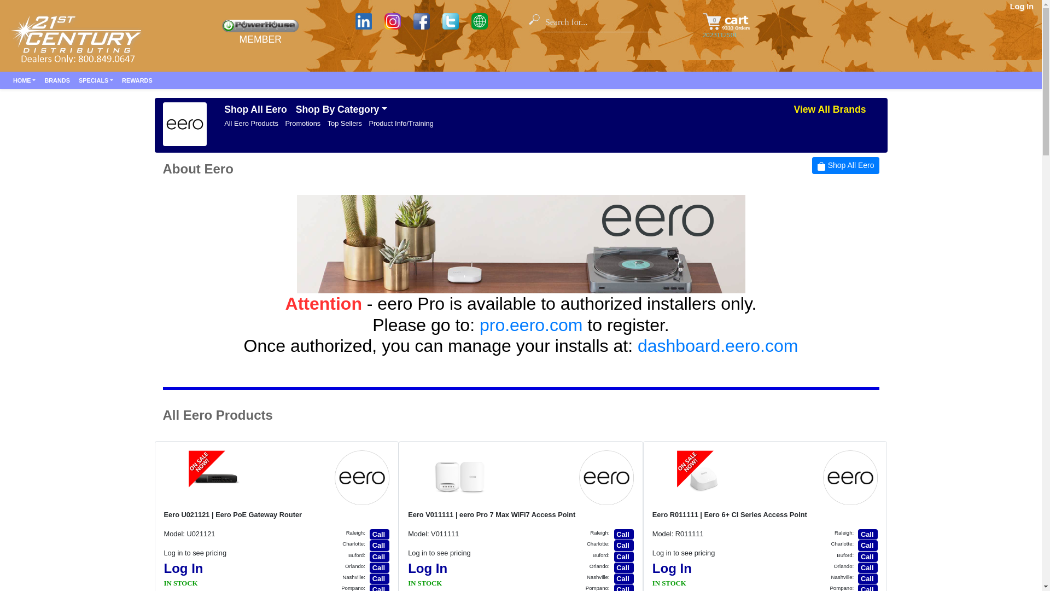 The width and height of the screenshot is (1050, 591). Describe the element at coordinates (56, 79) in the screenshot. I see `'BRANDS'` at that location.